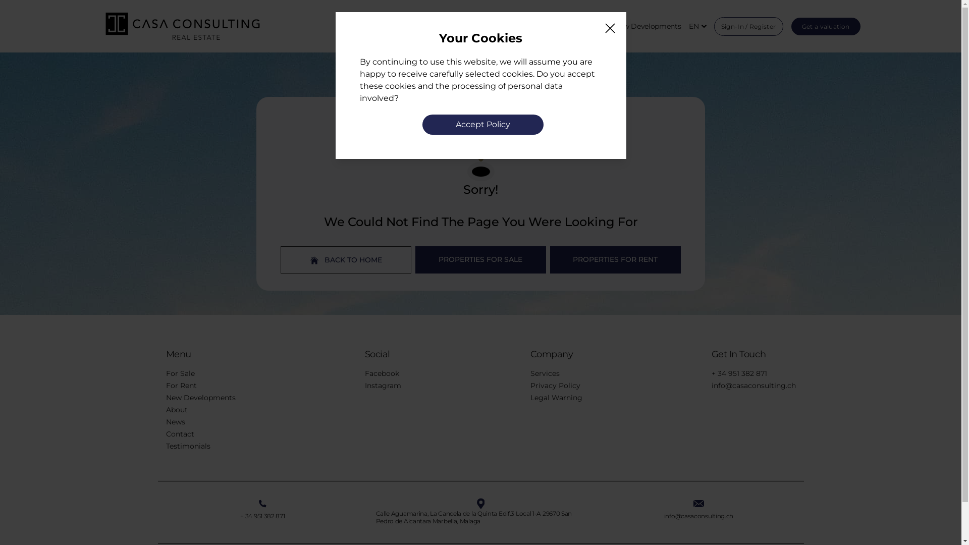 The image size is (969, 545). I want to click on 'Sign-In / Register', so click(713, 26).